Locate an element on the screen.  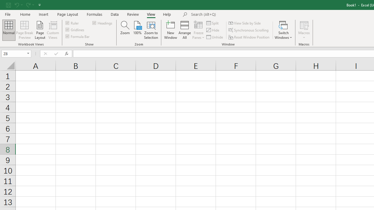
'Reset Window Position' is located at coordinates (250, 37).